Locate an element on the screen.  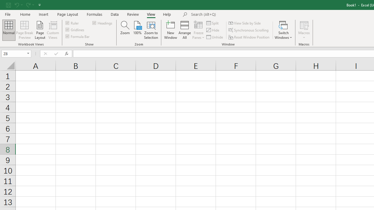
'Reset Window Position' is located at coordinates (250, 37).